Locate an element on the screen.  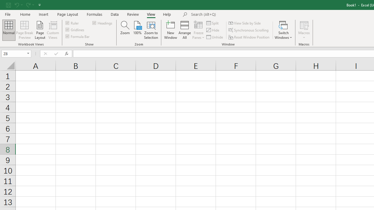
'Reset Window Position' is located at coordinates (250, 37).